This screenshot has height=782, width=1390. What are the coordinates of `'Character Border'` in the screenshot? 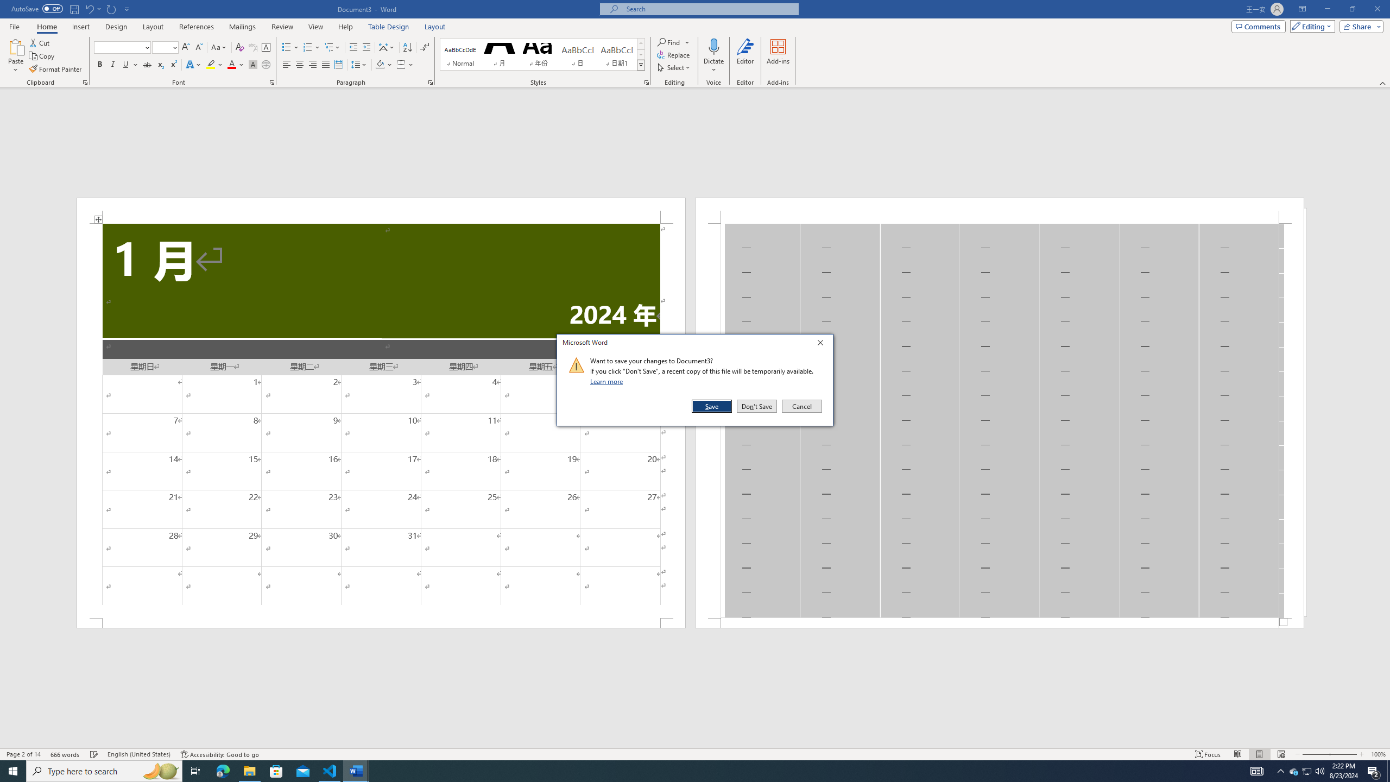 It's located at (266, 47).